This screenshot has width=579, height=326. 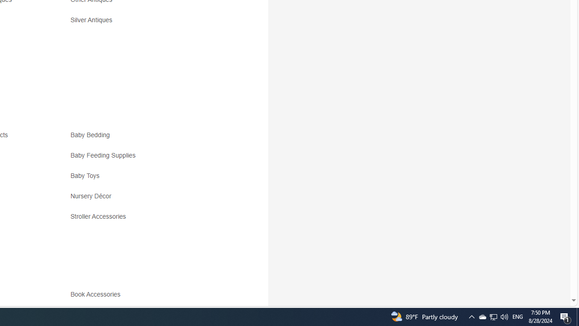 I want to click on 'Stroller Accessories', so click(x=150, y=220).